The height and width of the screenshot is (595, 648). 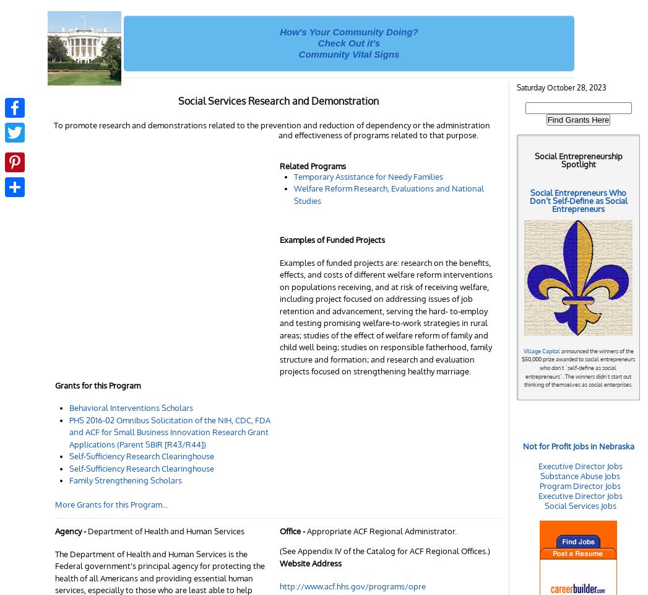 I want to click on 'Check Out it's', so click(x=348, y=42).